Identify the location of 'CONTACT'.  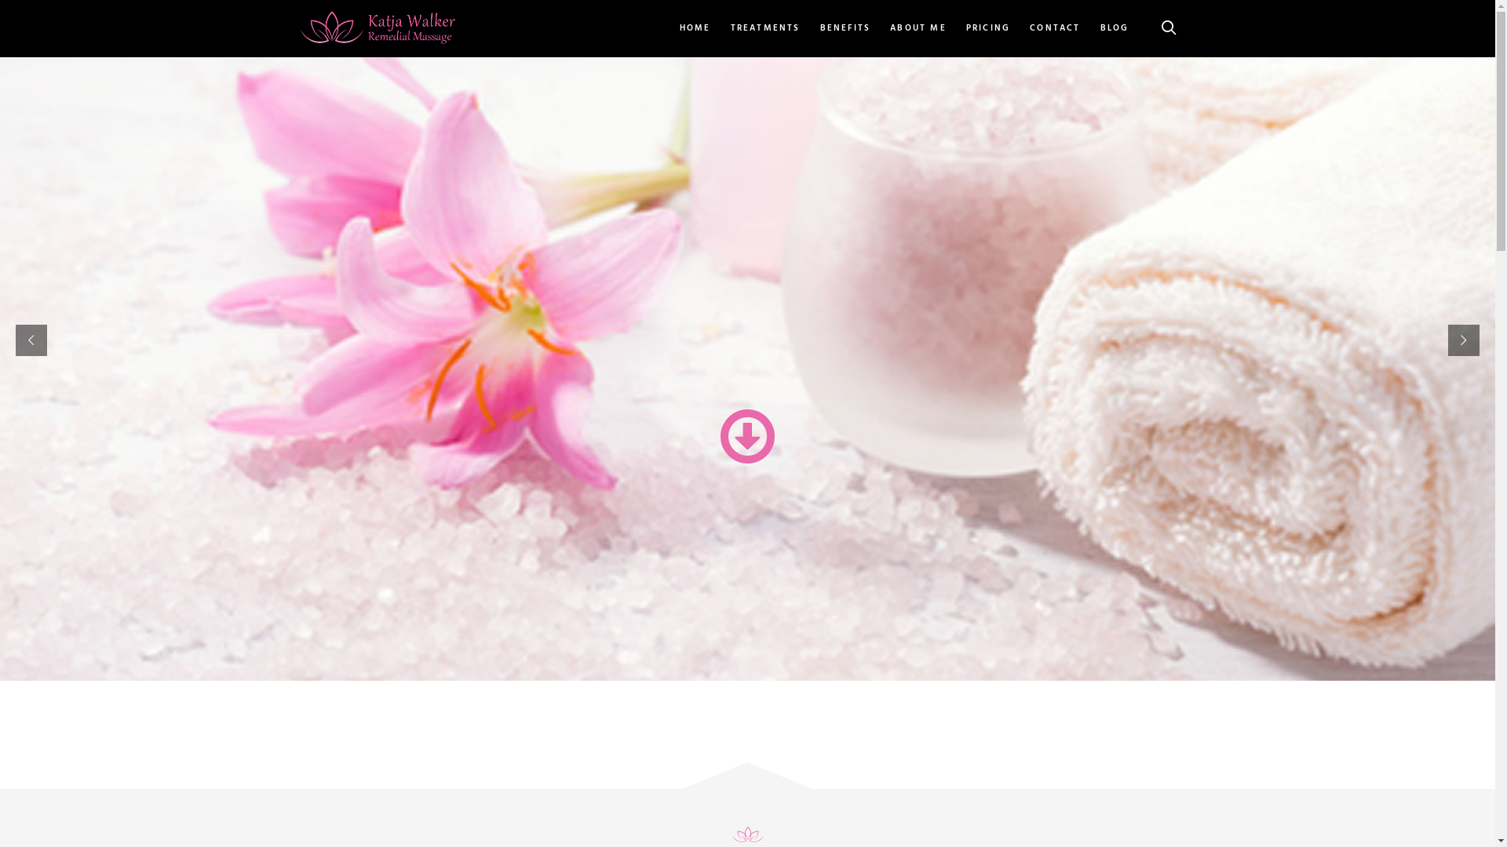
(1055, 28).